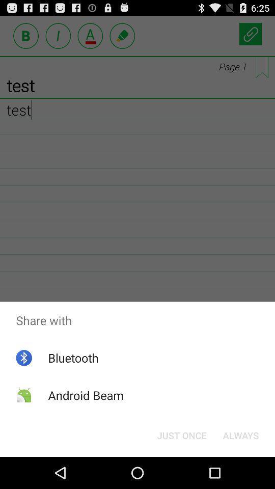 This screenshot has width=275, height=489. What do you see at coordinates (181, 434) in the screenshot?
I see `just once item` at bounding box center [181, 434].